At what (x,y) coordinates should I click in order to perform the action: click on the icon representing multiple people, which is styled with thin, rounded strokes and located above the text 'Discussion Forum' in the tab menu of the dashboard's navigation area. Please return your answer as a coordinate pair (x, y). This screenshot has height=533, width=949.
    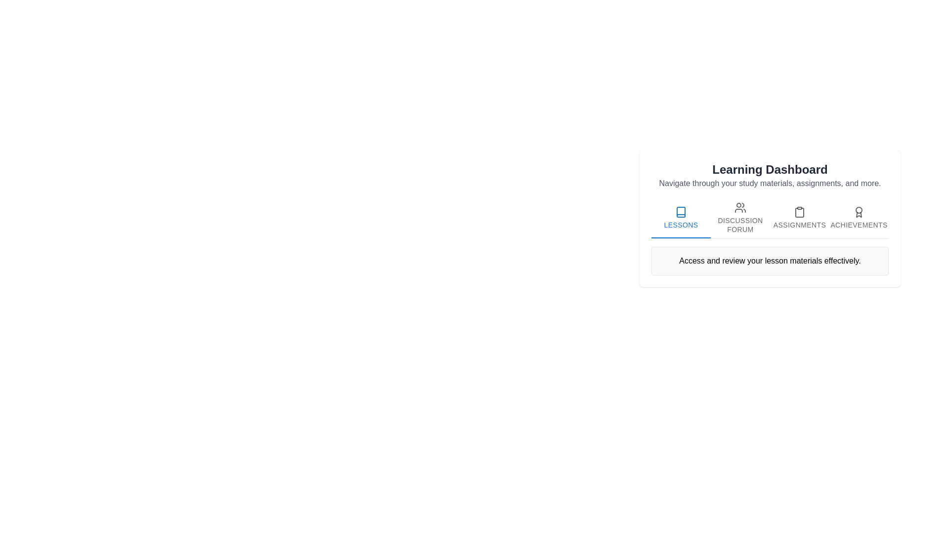
    Looking at the image, I should click on (740, 207).